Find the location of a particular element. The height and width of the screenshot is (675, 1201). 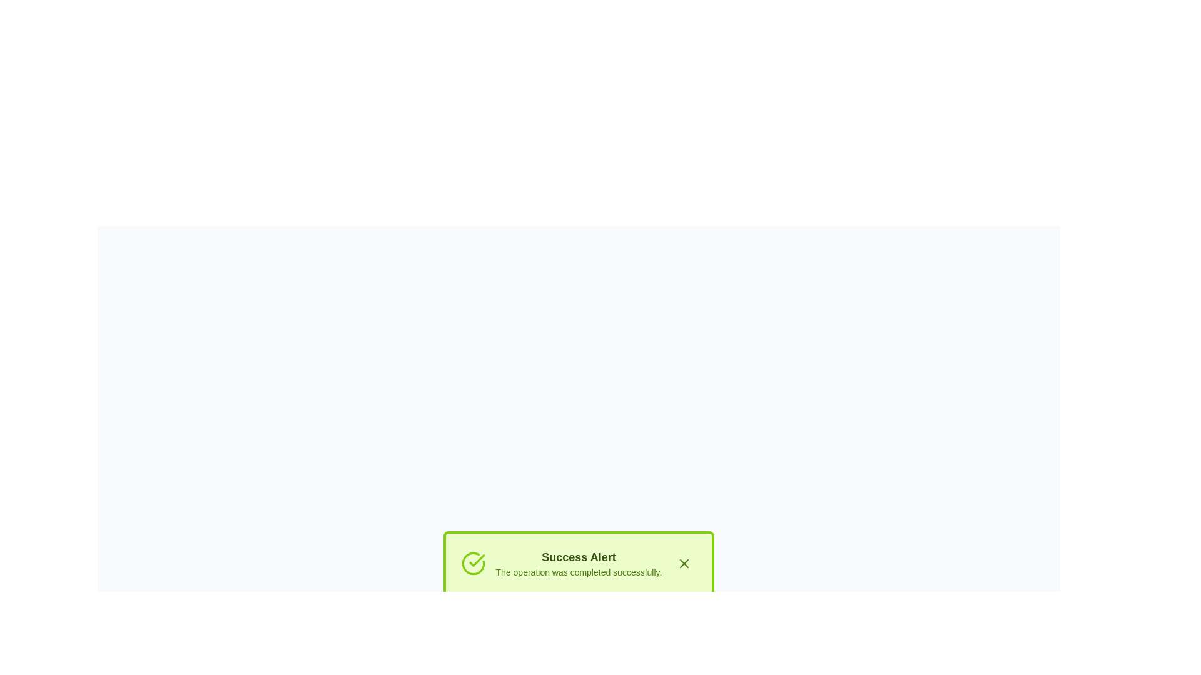

informational text component within the alert box displaying 'Success Alert' and 'The operation was completed successfully' is located at coordinates (578, 564).